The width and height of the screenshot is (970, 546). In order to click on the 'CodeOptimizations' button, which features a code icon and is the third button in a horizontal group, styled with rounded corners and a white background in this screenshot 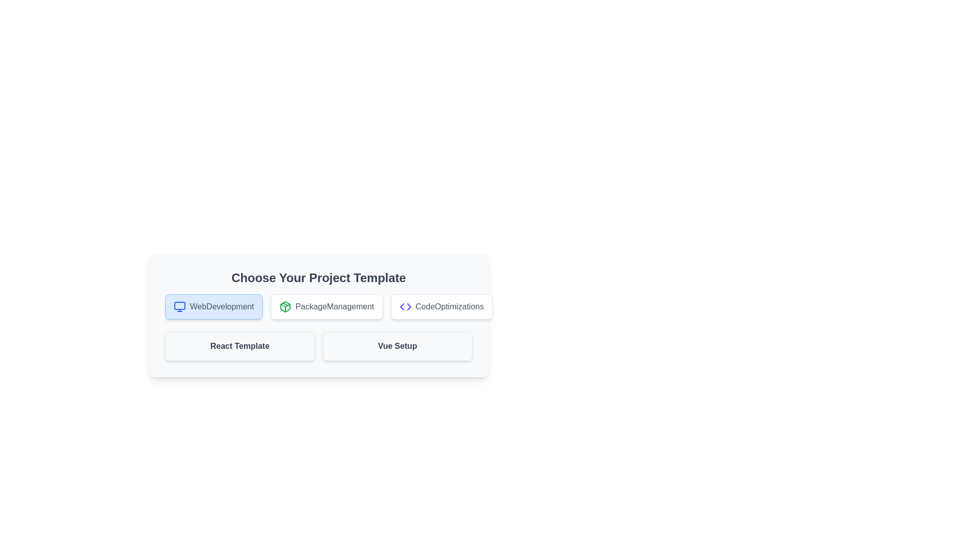, I will do `click(442, 306)`.